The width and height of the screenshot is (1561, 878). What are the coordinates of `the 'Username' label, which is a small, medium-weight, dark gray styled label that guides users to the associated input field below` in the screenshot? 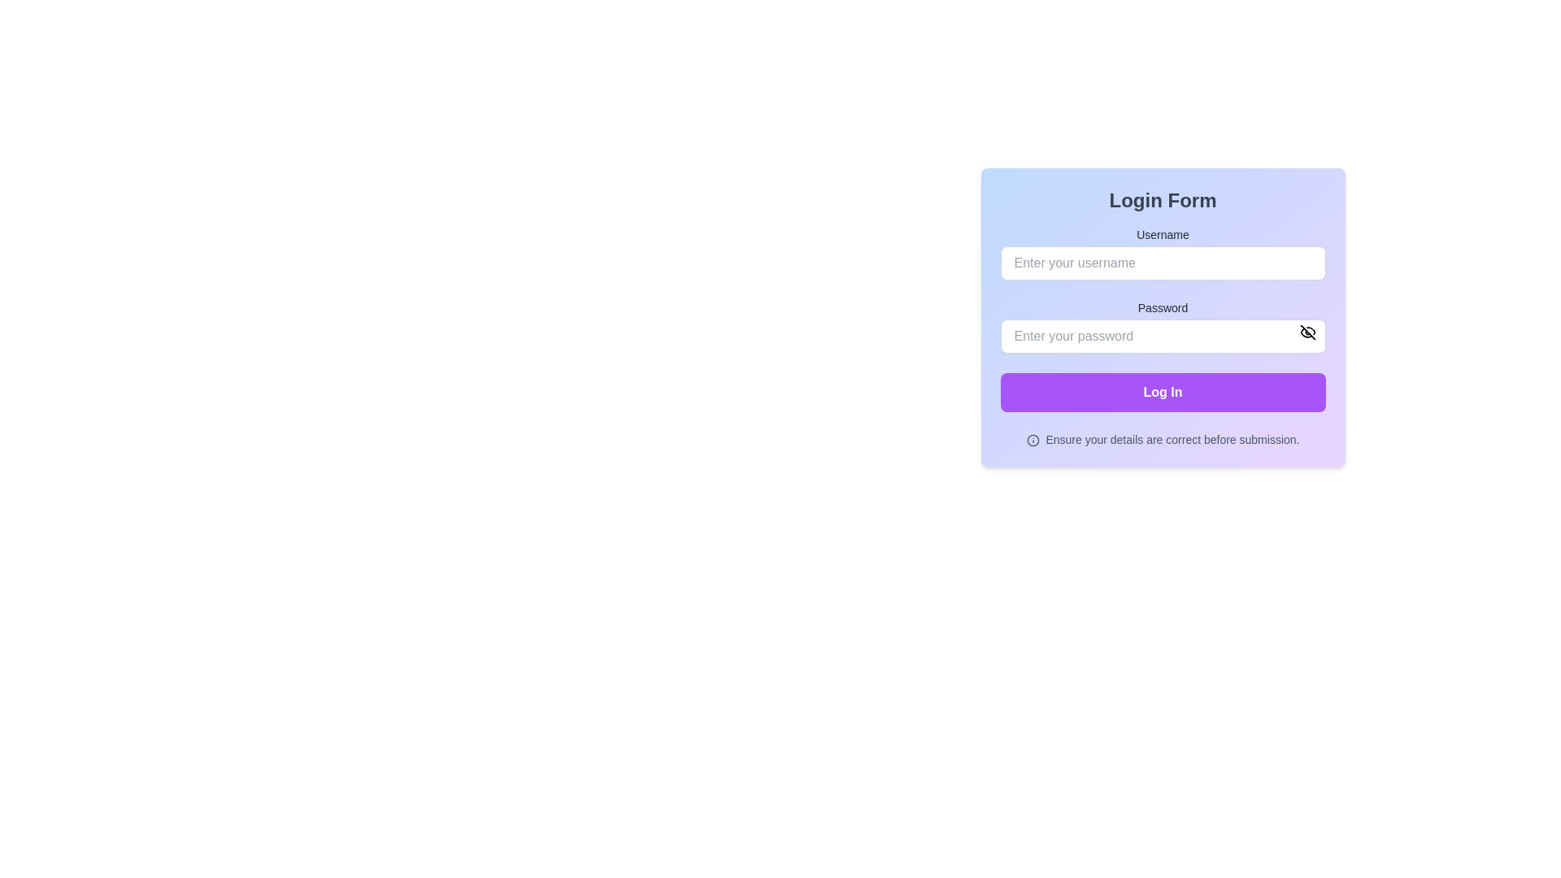 It's located at (1162, 235).